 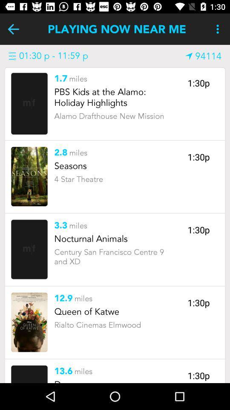 I want to click on item, so click(x=29, y=176).